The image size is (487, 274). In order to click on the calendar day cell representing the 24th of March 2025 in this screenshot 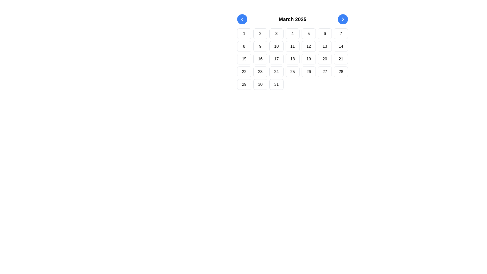, I will do `click(276, 72)`.